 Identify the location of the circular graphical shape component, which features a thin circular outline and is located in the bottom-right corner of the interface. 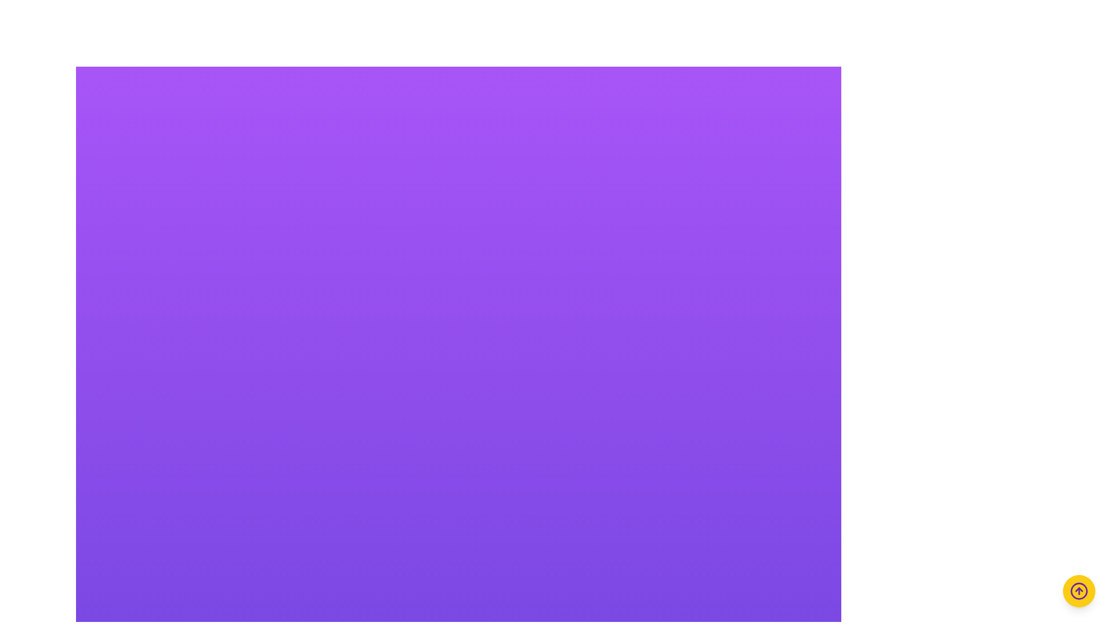
(1079, 591).